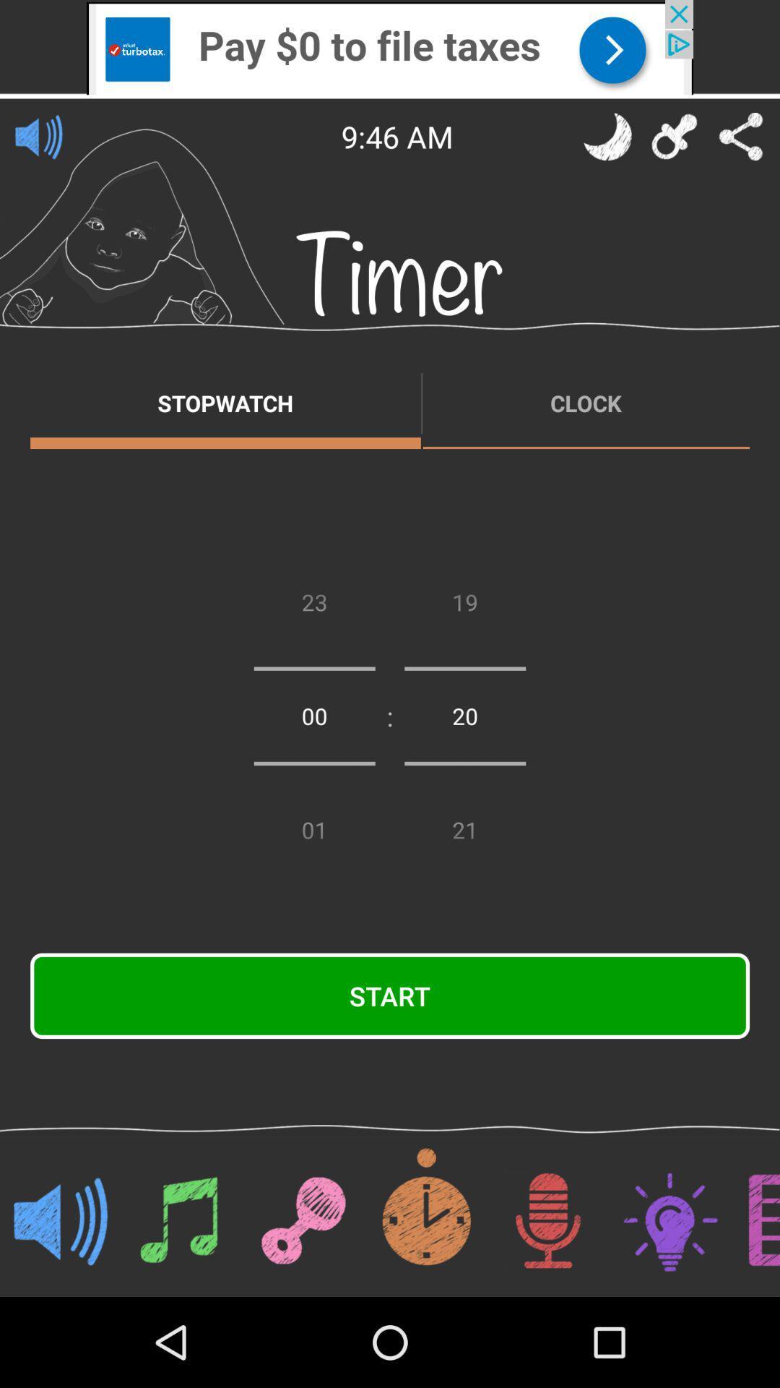 This screenshot has height=1388, width=780. What do you see at coordinates (607, 136) in the screenshot?
I see `help your baby relax stop crying and sleep better` at bounding box center [607, 136].